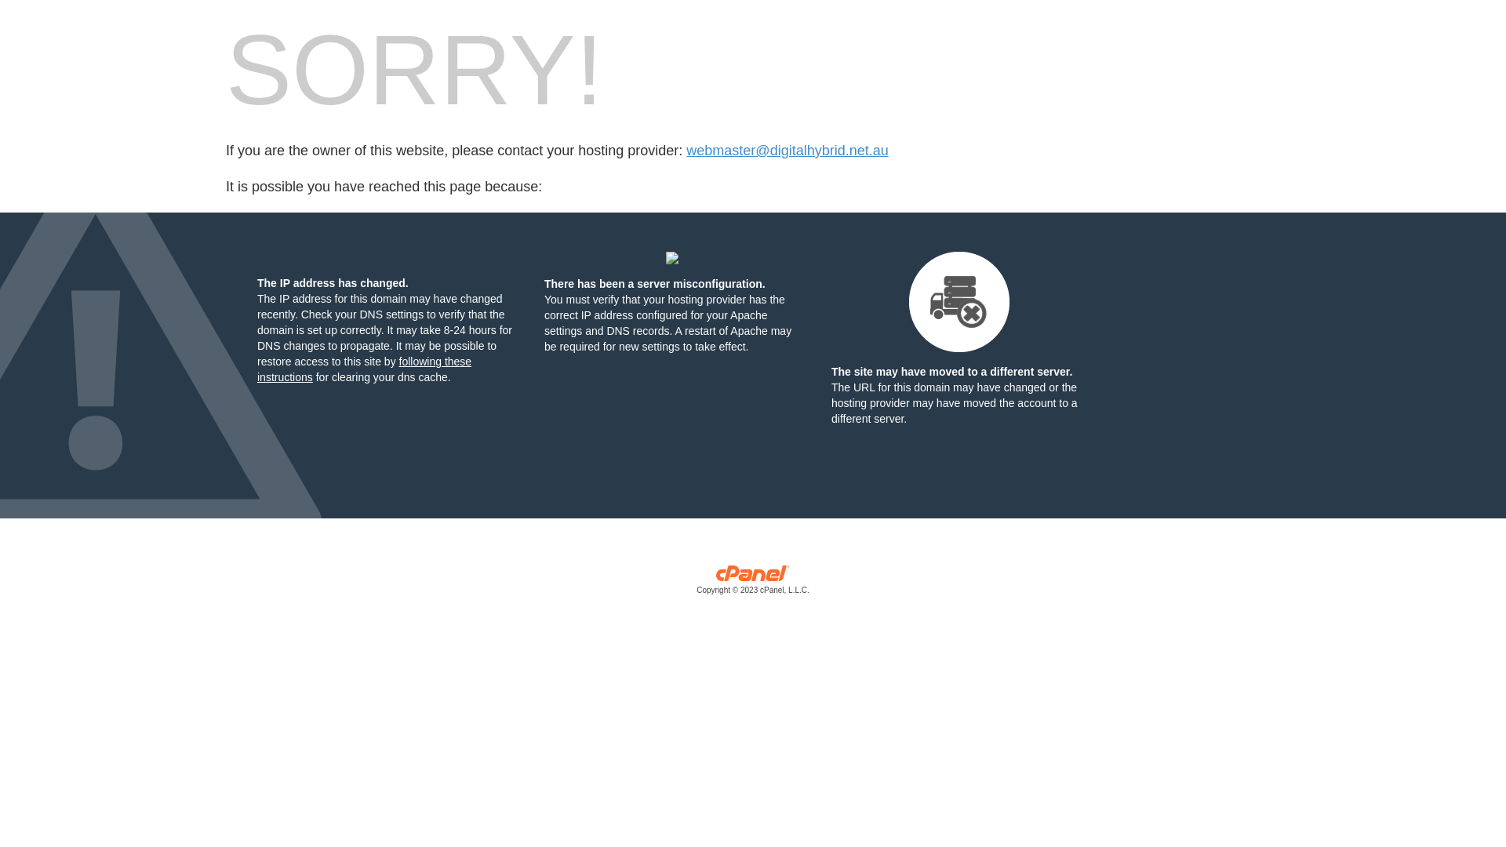  I want to click on 'webmaster@digitalhybrid.net.au', so click(787, 151).